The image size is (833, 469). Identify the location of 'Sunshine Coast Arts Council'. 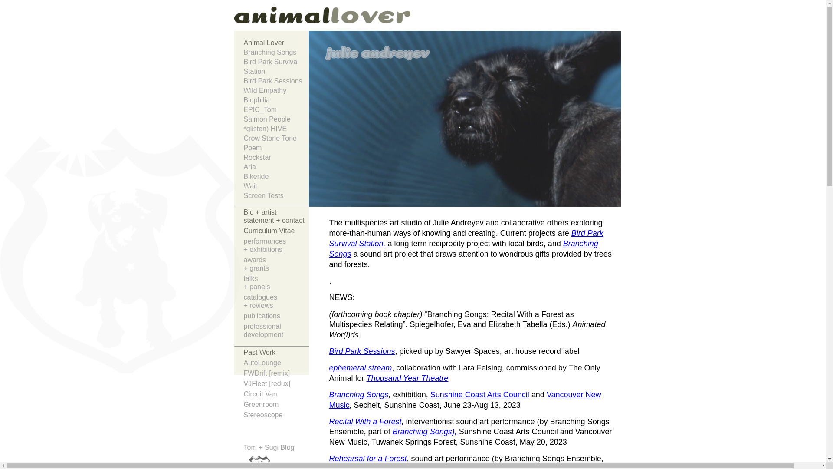
(479, 395).